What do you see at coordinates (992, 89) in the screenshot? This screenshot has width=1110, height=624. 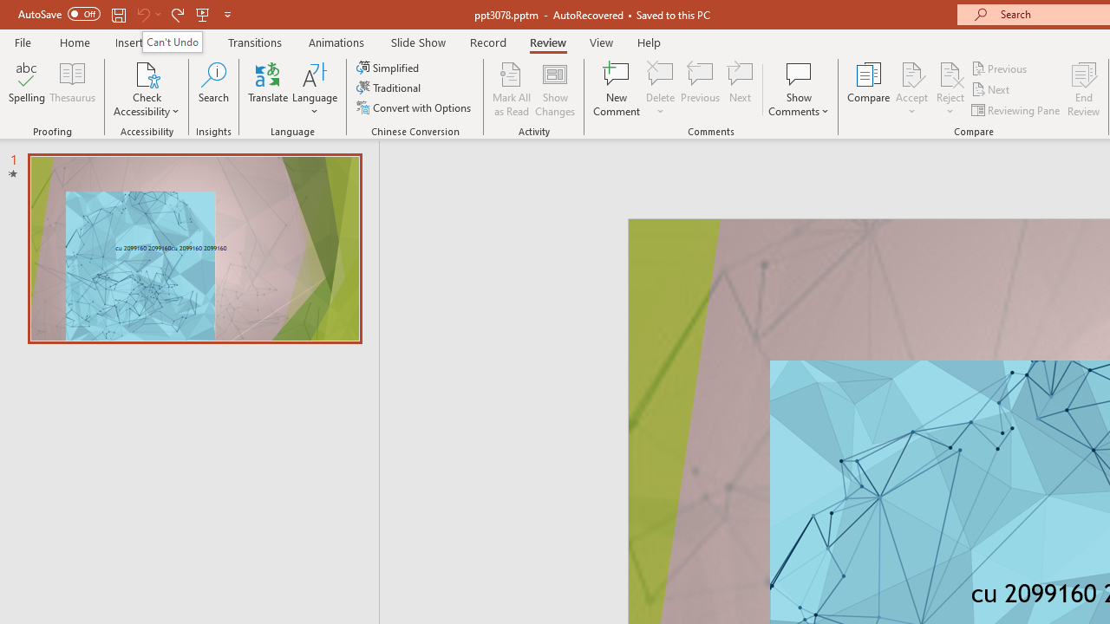 I see `'Next'` at bounding box center [992, 89].